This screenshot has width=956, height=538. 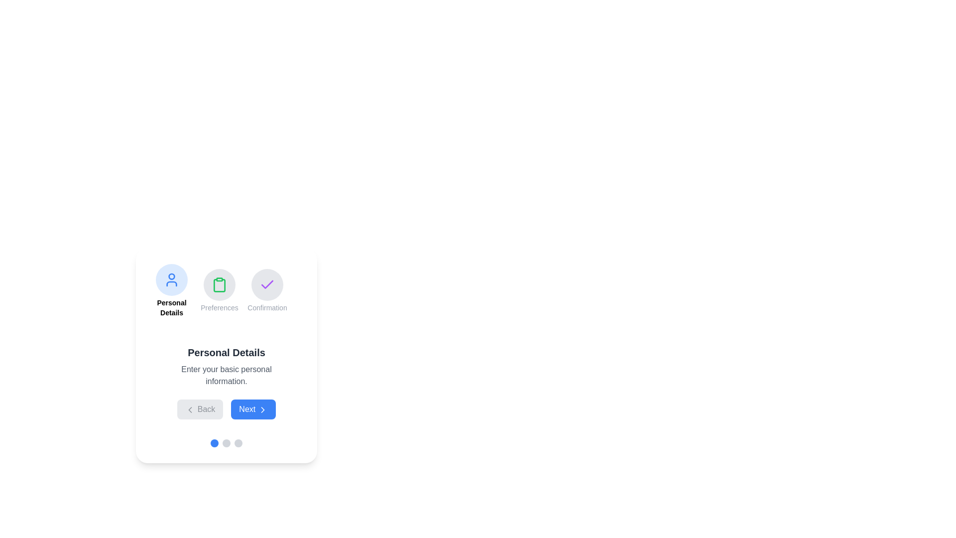 I want to click on the third option of the horizontal step indicator located above the 'Confirmation' label, so click(x=267, y=284).